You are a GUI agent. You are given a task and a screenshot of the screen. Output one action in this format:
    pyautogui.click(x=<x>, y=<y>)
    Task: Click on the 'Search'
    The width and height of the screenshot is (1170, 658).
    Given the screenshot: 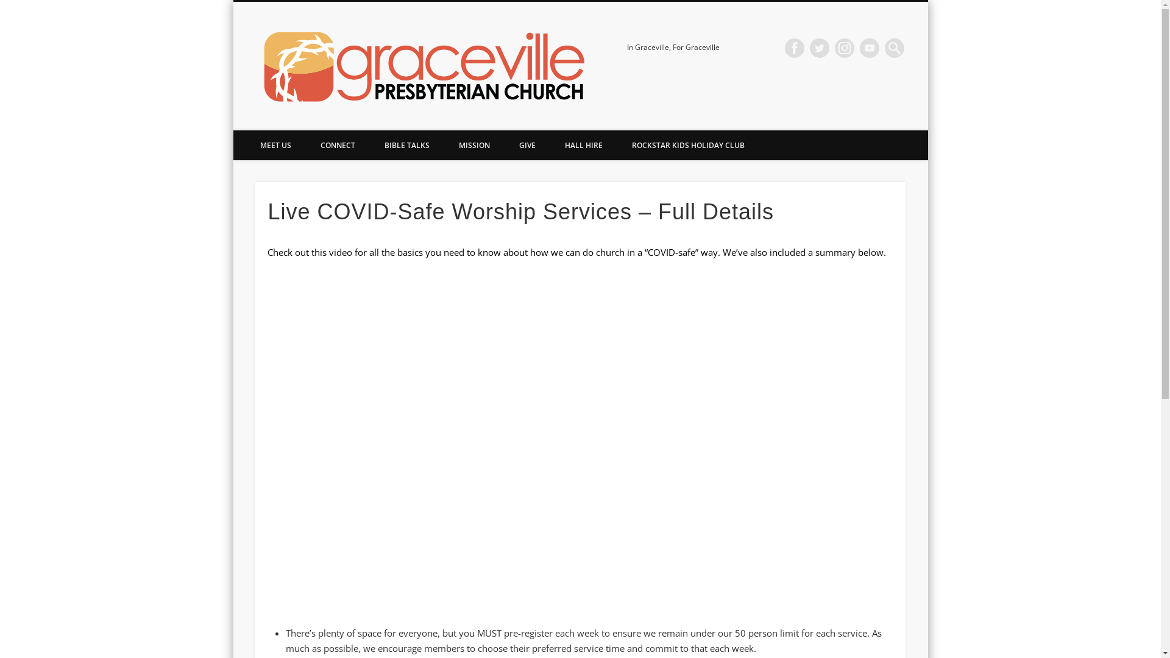 What is the action you would take?
    pyautogui.click(x=0, y=7)
    